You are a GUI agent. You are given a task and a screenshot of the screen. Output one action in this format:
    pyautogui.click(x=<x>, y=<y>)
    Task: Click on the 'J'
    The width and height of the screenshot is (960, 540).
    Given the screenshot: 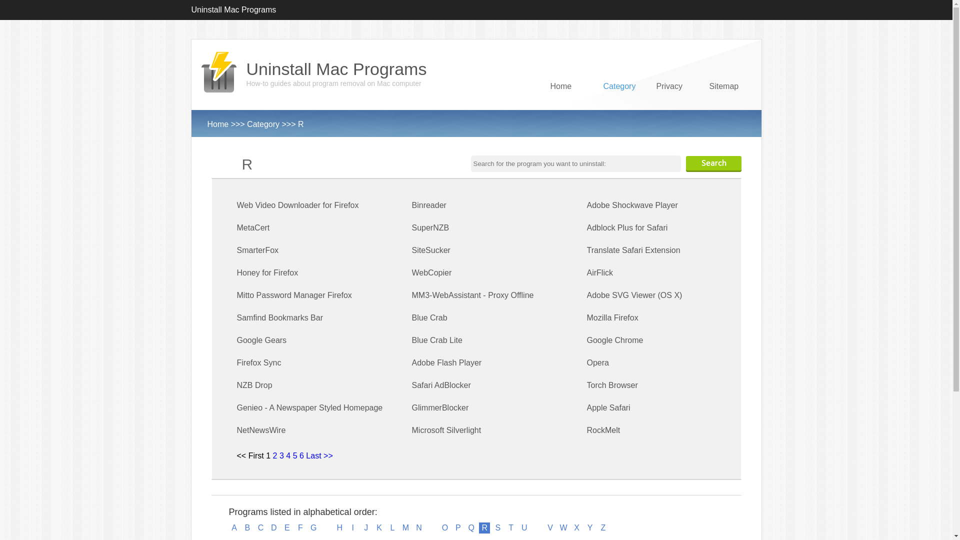 What is the action you would take?
    pyautogui.click(x=360, y=527)
    